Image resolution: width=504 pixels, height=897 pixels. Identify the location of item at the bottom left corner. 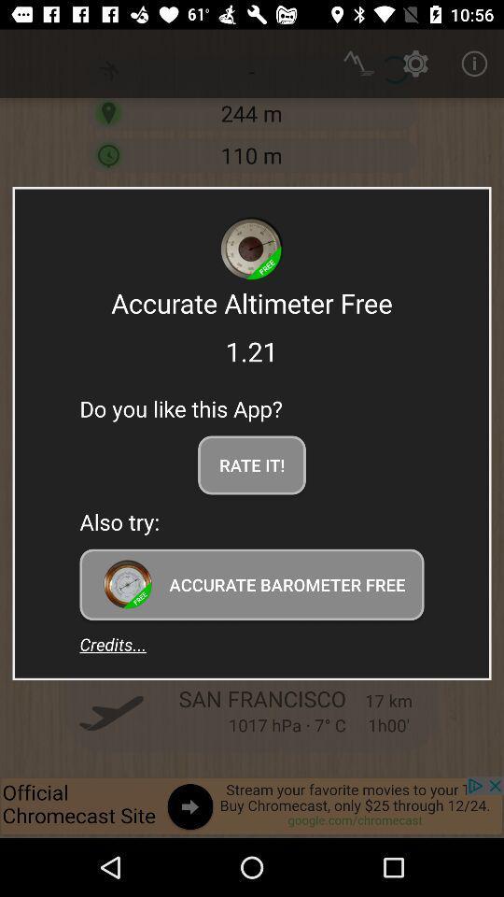
(113, 644).